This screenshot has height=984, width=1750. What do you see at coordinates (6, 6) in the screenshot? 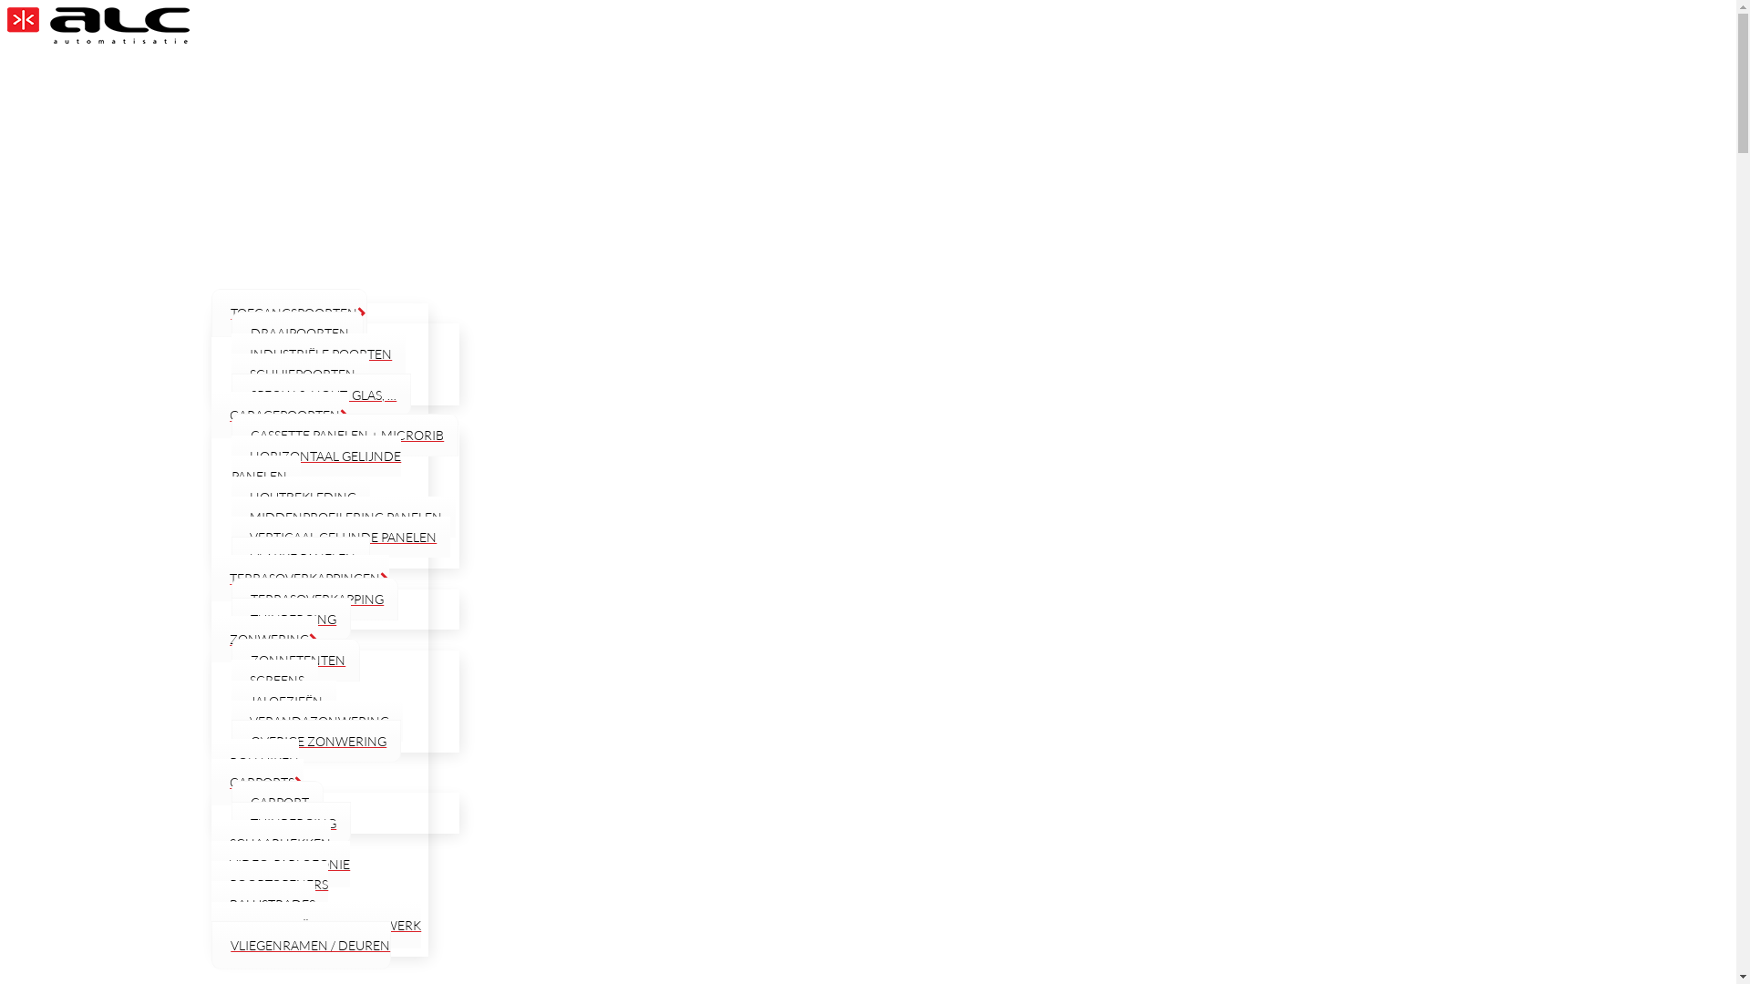
I see `'Skip to content'` at bounding box center [6, 6].